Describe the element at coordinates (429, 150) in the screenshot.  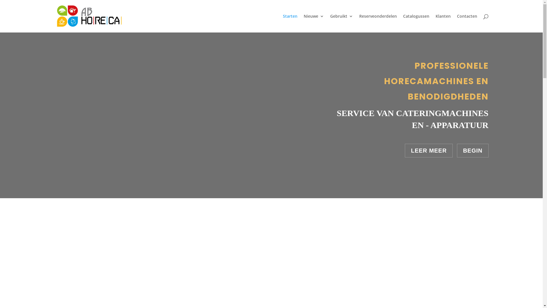
I see `'LEER MEER'` at that location.